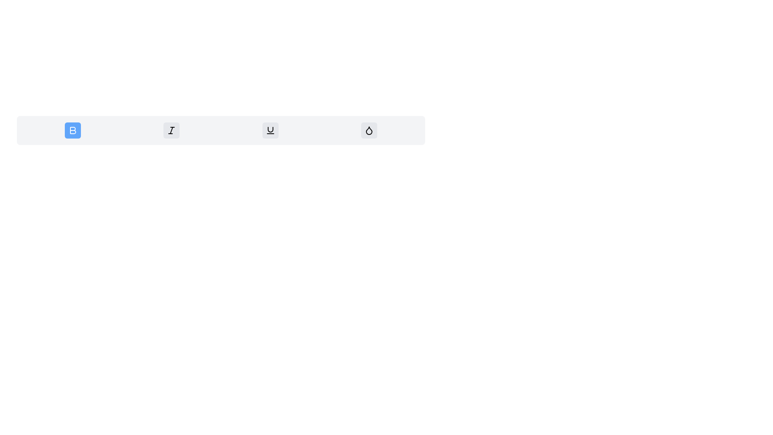 The image size is (773, 435). I want to click on the small, gray, italicized 'I' icon button in the horizontal toolbar, so click(171, 130).